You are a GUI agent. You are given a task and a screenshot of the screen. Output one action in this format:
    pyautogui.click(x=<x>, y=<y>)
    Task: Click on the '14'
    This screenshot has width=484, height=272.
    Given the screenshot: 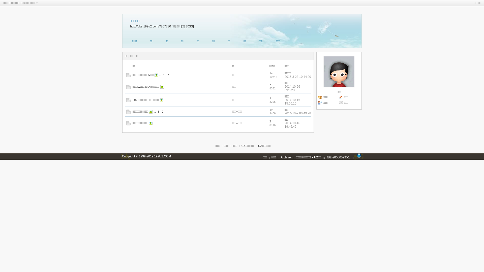 What is the action you would take?
    pyautogui.click(x=271, y=73)
    